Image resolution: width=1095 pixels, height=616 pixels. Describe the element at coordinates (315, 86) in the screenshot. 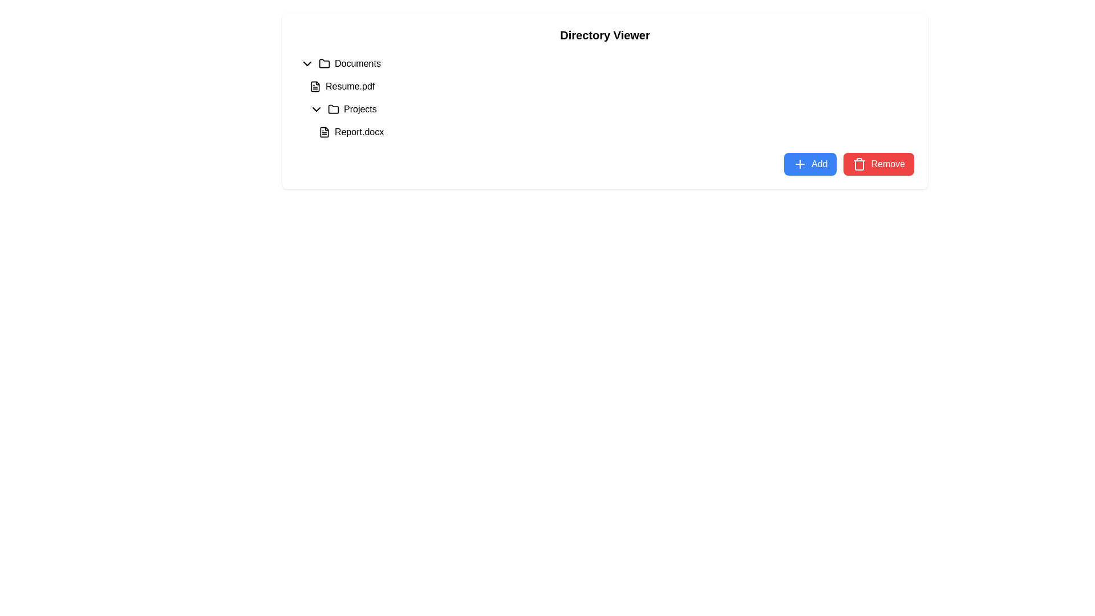

I see `the document file icon, which is styled in an outline format and positioned to the left of the text 'Resume.pdf'` at that location.